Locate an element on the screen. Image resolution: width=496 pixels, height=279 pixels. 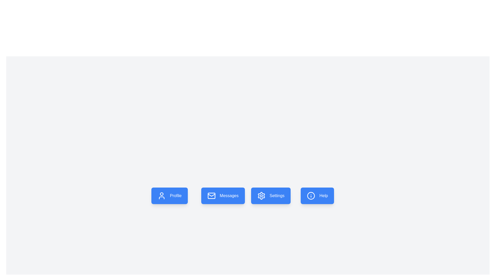
the 'Help' button which displays the text 'Help' in white font on a blue background, located on the far-right side of a horizontal row of buttons is located at coordinates (323, 196).